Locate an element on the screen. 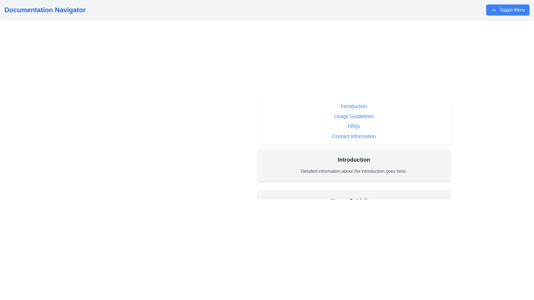  the third hyperlink labeled 'FAQs' located centrally within a card-like area is located at coordinates (353, 126).